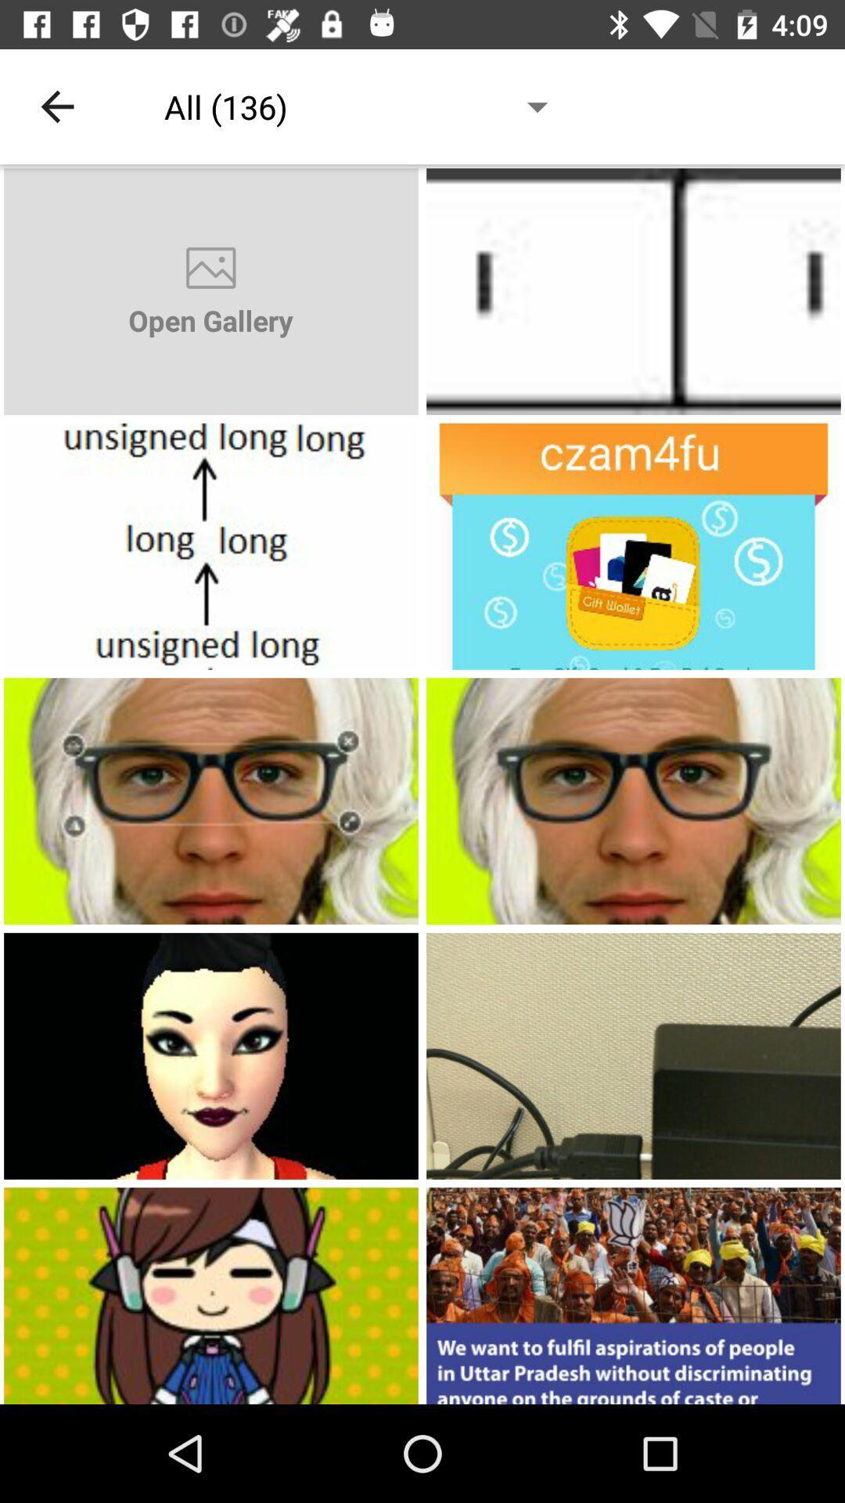 This screenshot has height=1503, width=845. Describe the element at coordinates (634, 291) in the screenshot. I see `opoen images` at that location.